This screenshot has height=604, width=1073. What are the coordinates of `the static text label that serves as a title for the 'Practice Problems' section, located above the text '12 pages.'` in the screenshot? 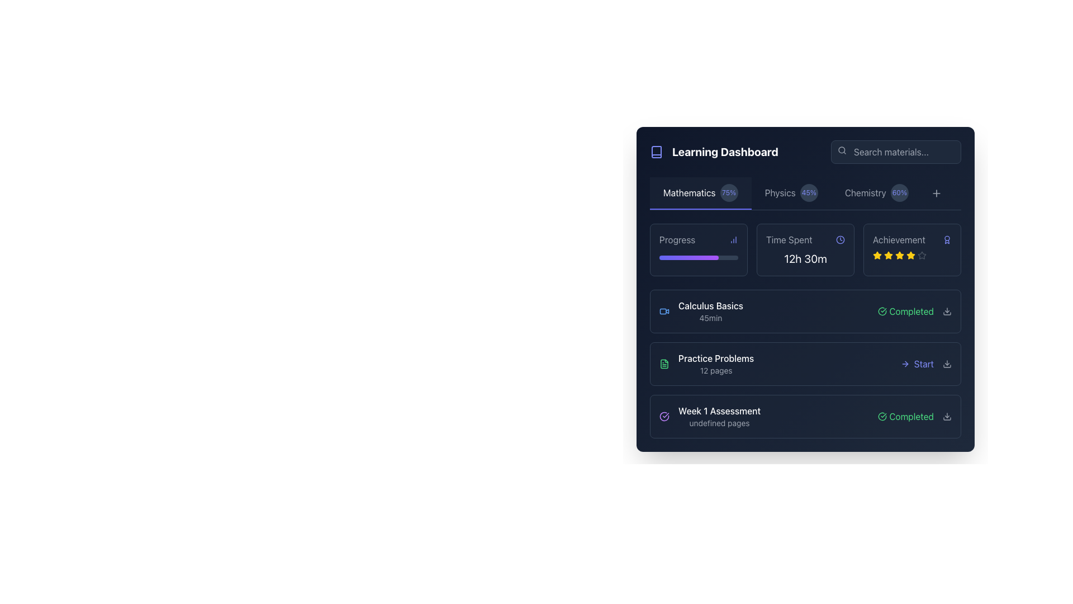 It's located at (716, 358).